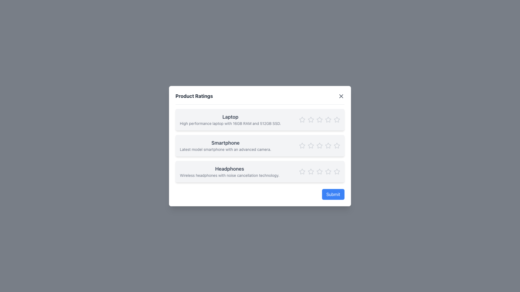 The image size is (520, 292). Describe the element at coordinates (341, 96) in the screenshot. I see `the close icon located in the top-right corner of the 'Product Ratings' modal dialog` at that location.